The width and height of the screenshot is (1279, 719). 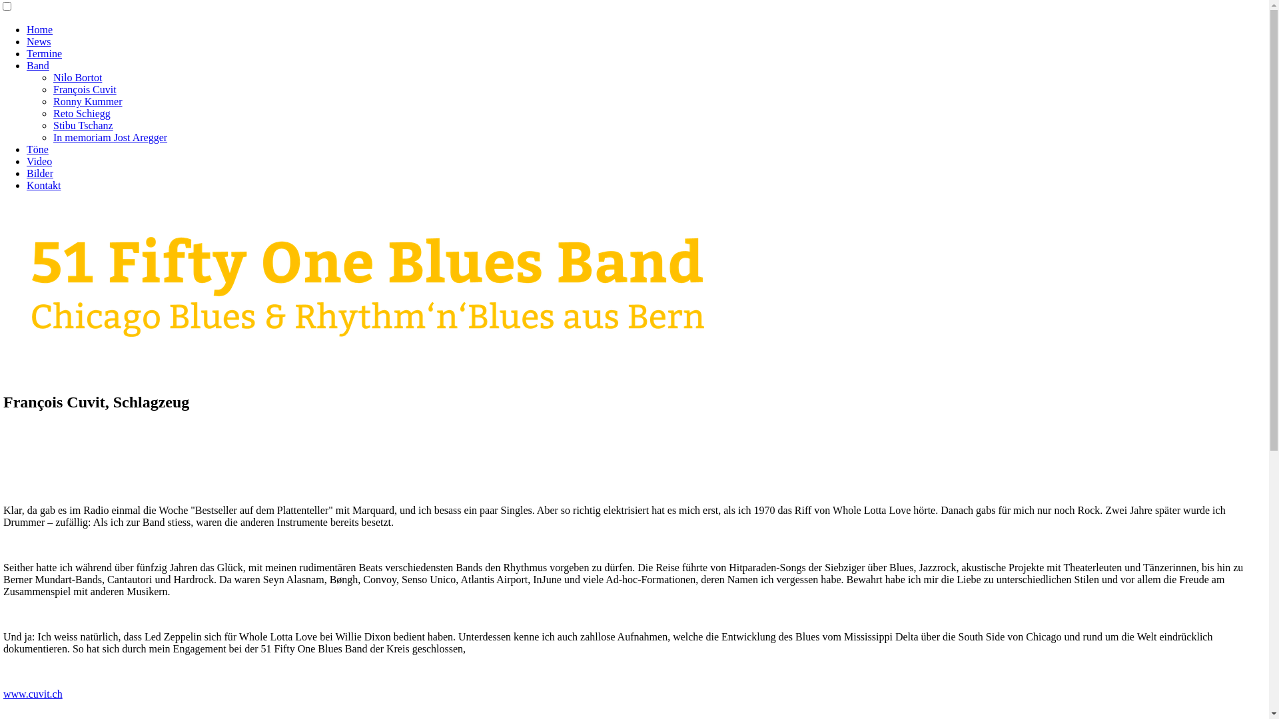 I want to click on 'Reto Schiegg', so click(x=81, y=113).